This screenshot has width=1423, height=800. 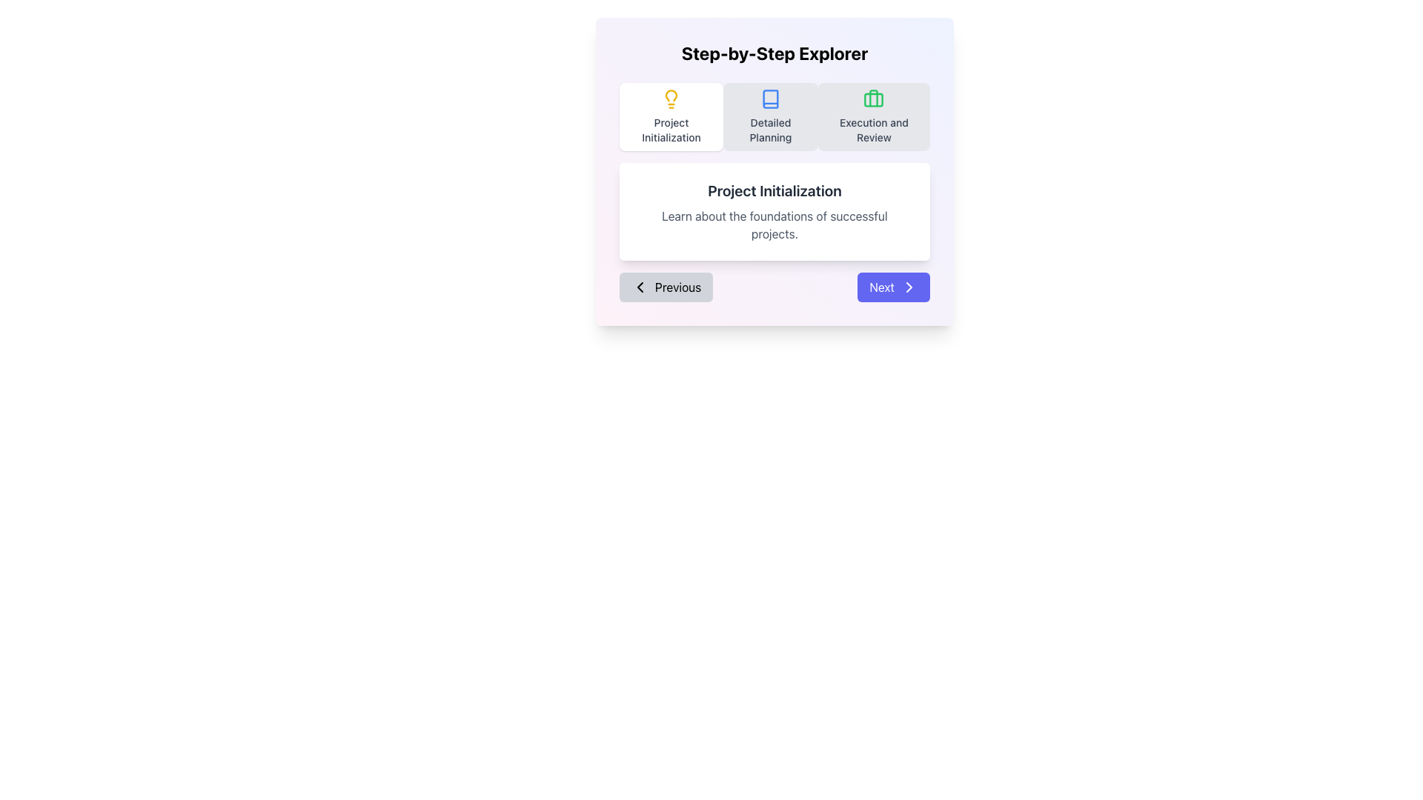 What do you see at coordinates (671, 96) in the screenshot?
I see `the topmost segment of the lightbulb icon in the 'Project Initialization' tab of the primary navigation bar` at bounding box center [671, 96].